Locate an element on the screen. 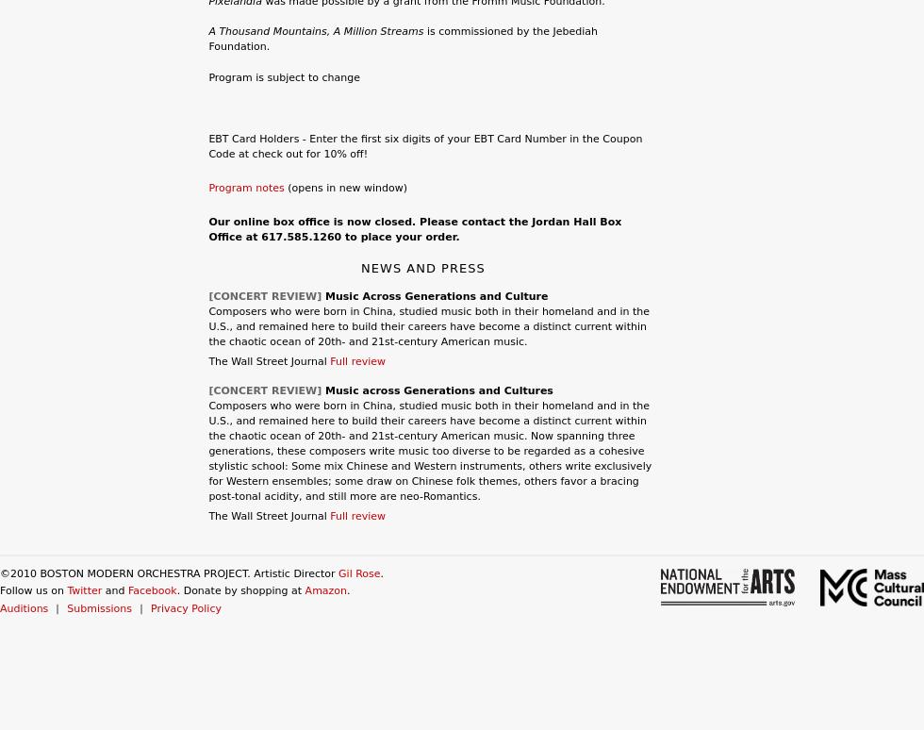 This screenshot has width=924, height=730. 'and' is located at coordinates (114, 589).